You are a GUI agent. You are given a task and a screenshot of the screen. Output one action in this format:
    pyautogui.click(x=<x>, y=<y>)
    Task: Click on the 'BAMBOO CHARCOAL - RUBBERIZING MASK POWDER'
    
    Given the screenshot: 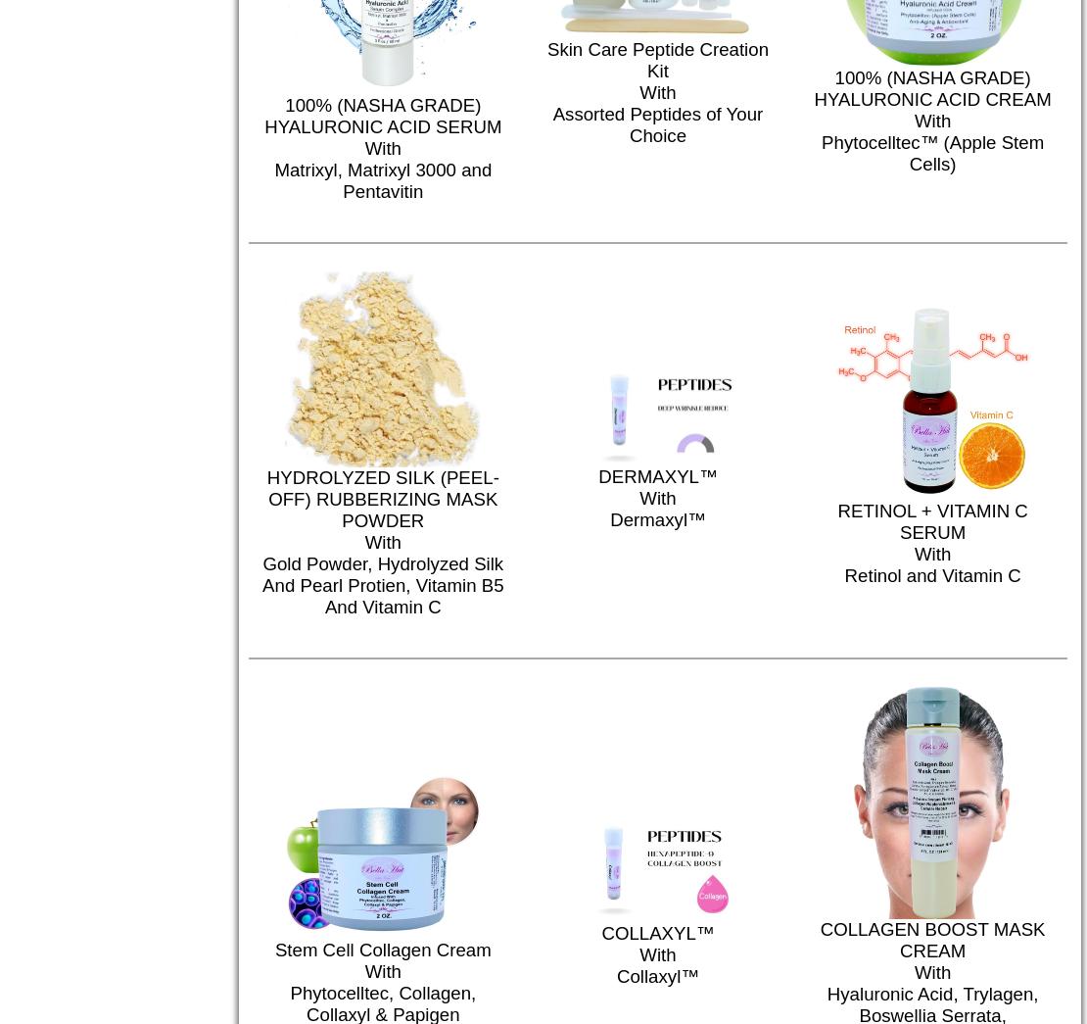 What is the action you would take?
    pyautogui.click(x=541, y=454)
    